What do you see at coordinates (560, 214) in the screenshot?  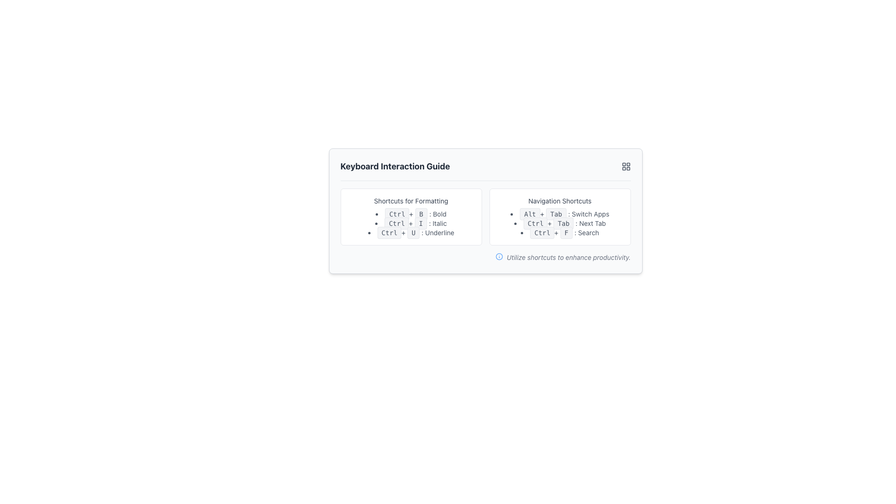 I see `the list item displaying 'Alt+Tab: Switch Apps', which includes styled keys 'Alt' and 'Tab' as buttons with a light gray background` at bounding box center [560, 214].